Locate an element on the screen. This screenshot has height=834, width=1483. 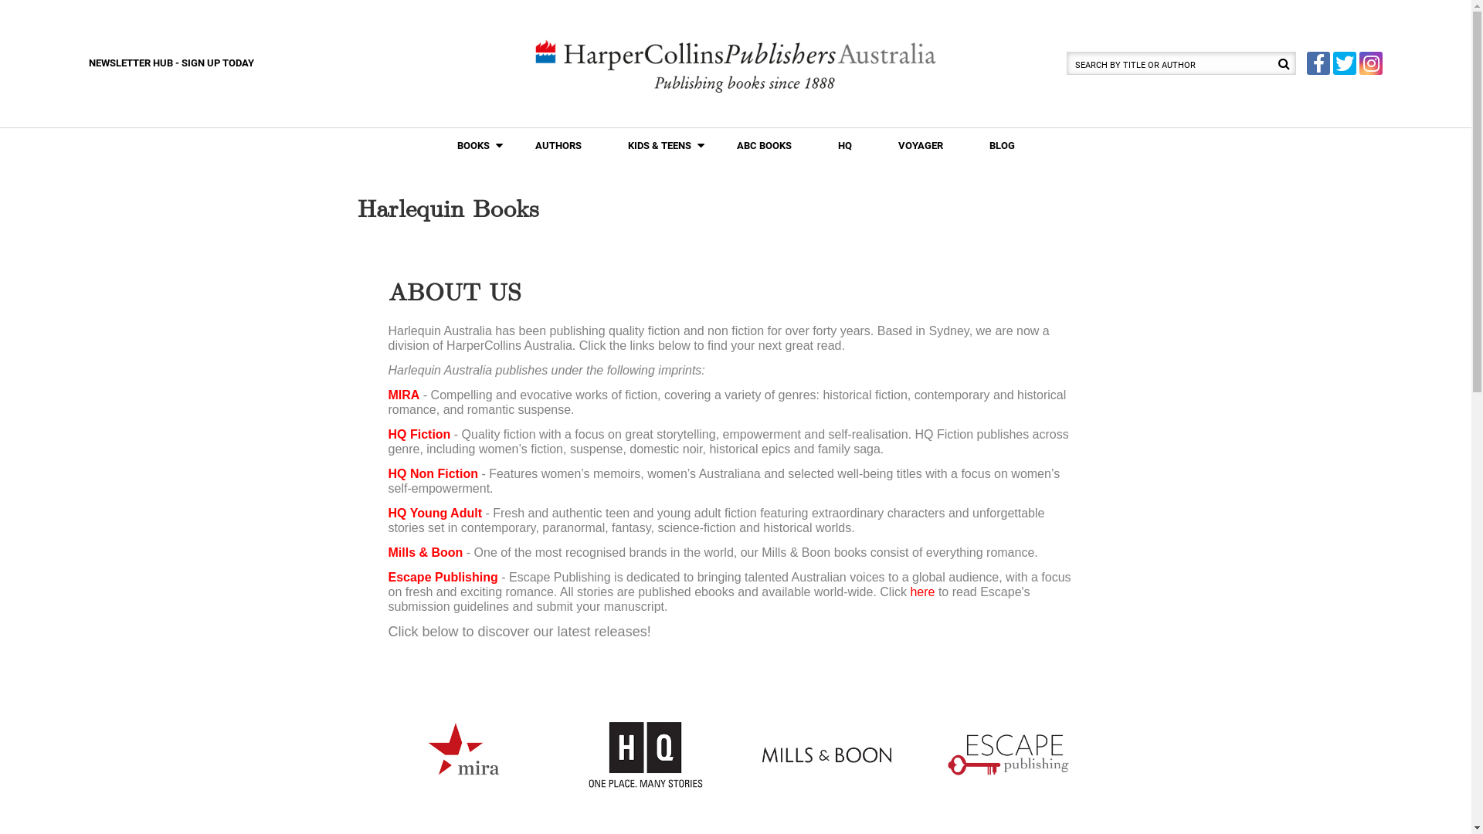
'Search:' is located at coordinates (1066, 62).